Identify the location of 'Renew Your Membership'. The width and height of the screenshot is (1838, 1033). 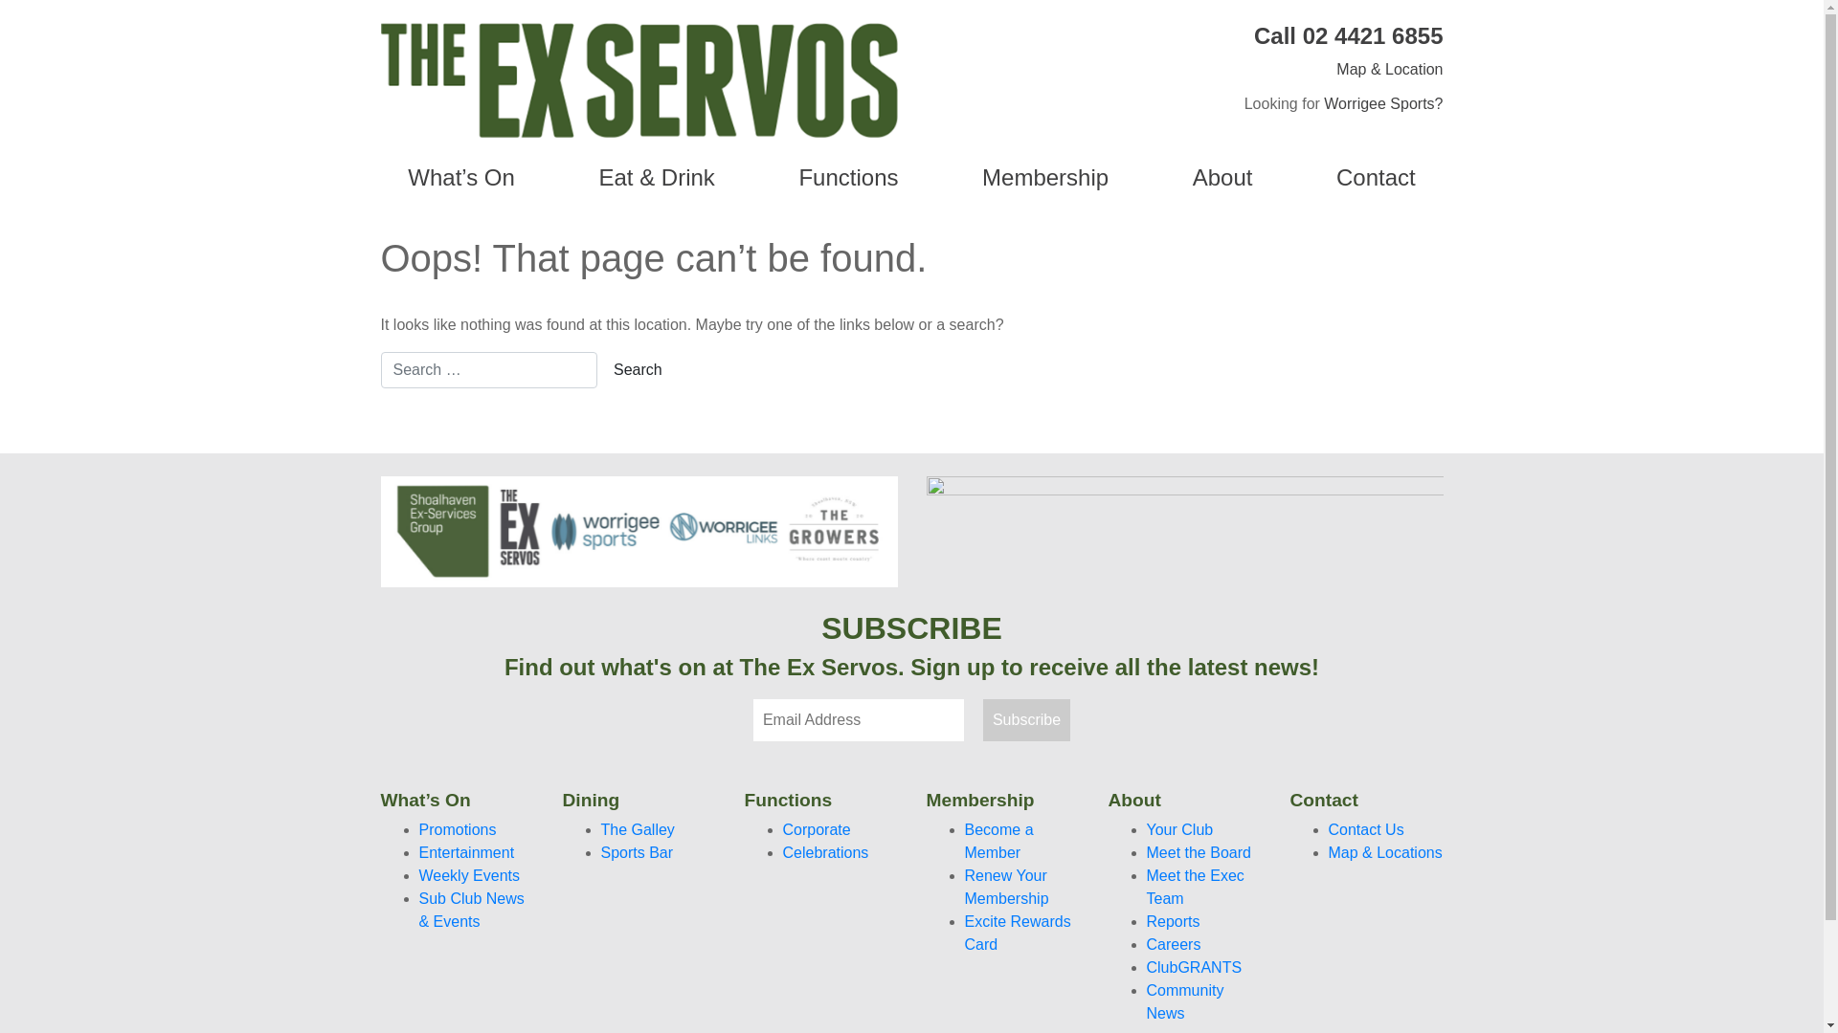
(1005, 887).